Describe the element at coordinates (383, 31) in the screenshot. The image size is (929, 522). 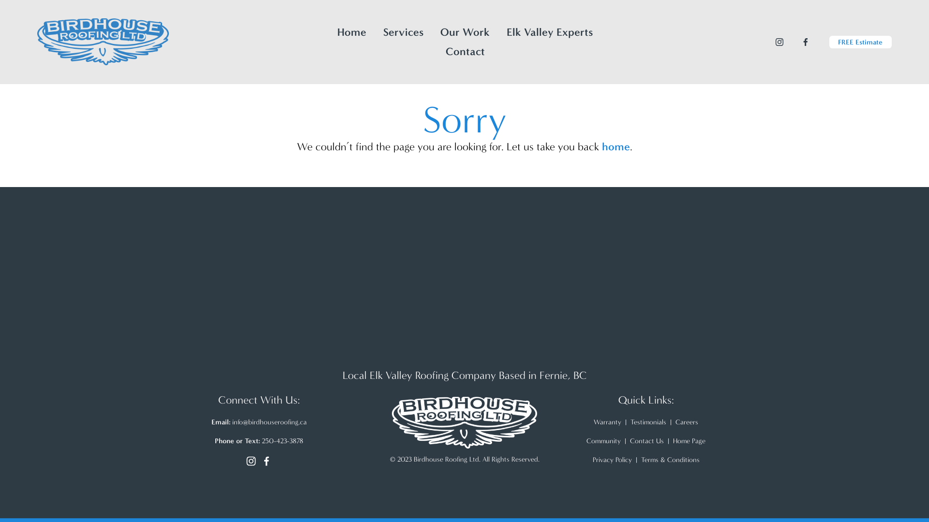
I see `'Services'` at that location.